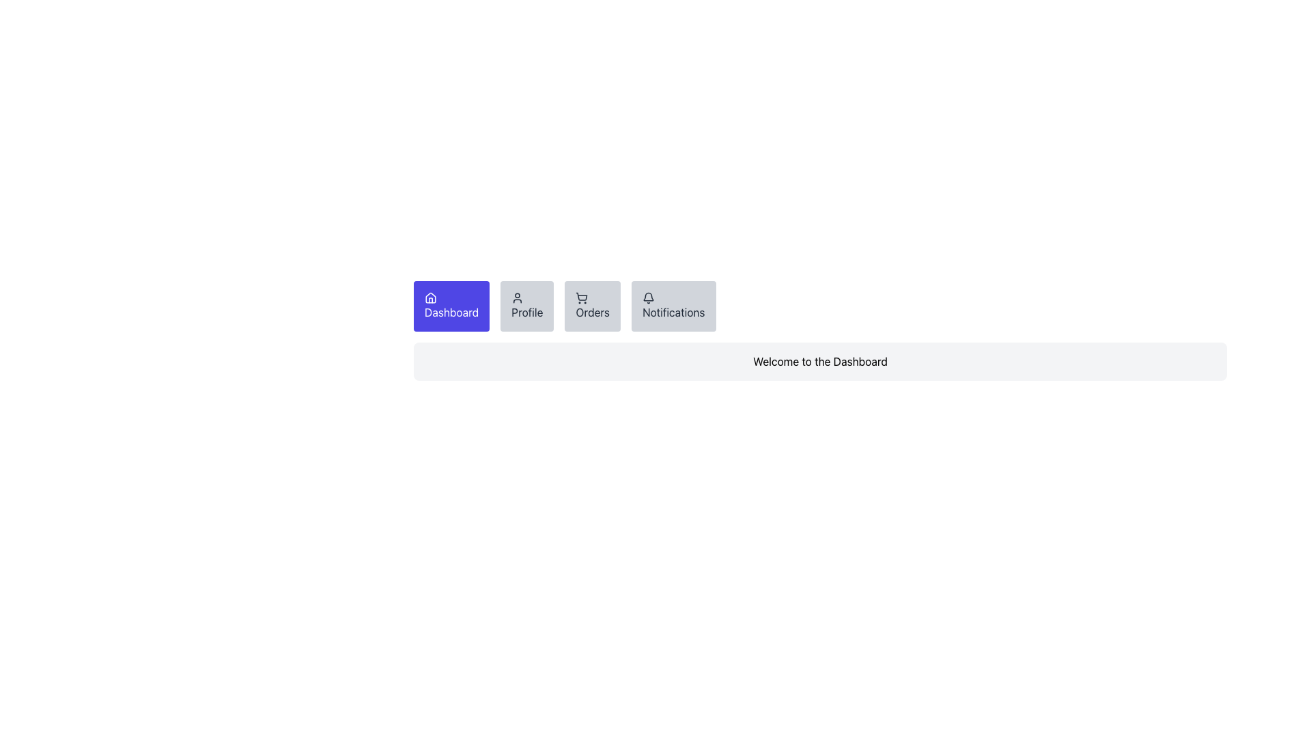 The height and width of the screenshot is (737, 1311). I want to click on the notifications button, which is the fourth button from the left in a horizontal list, so click(673, 305).